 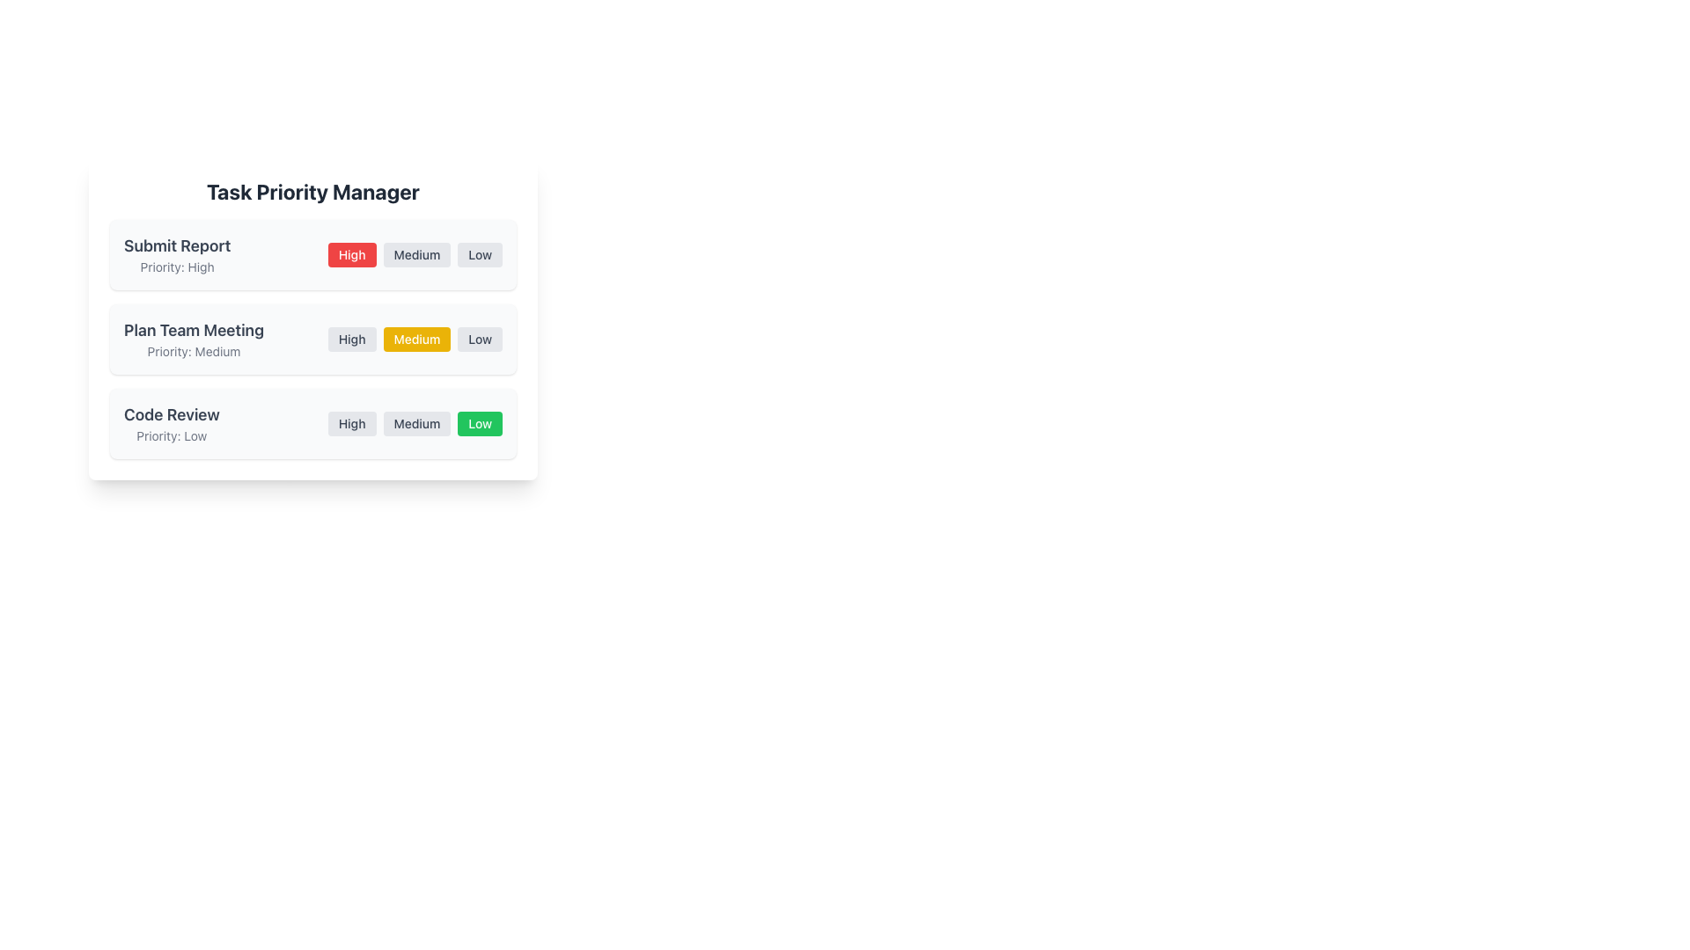 What do you see at coordinates (177, 246) in the screenshot?
I see `the 'Submit Report' text label, which identifies the task at the top-left corner of the first task card in the vertical list of task panels` at bounding box center [177, 246].